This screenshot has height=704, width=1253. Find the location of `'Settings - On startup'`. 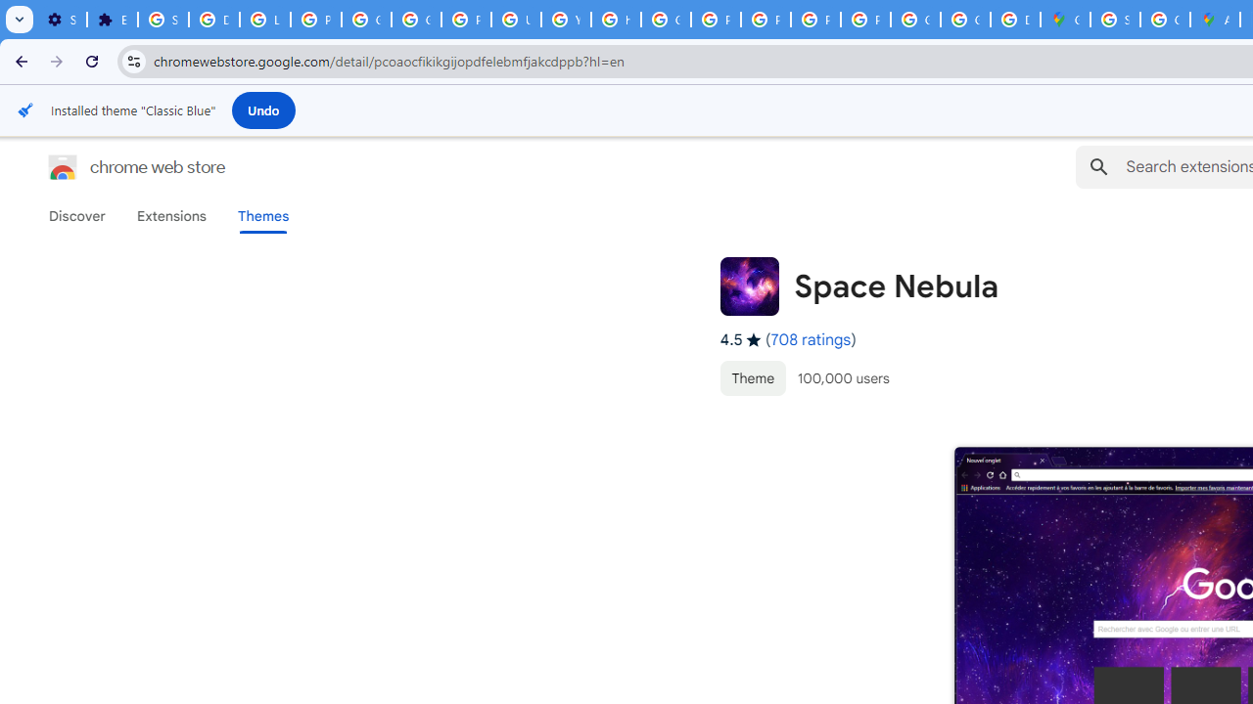

'Settings - On startup' is located at coordinates (62, 20).